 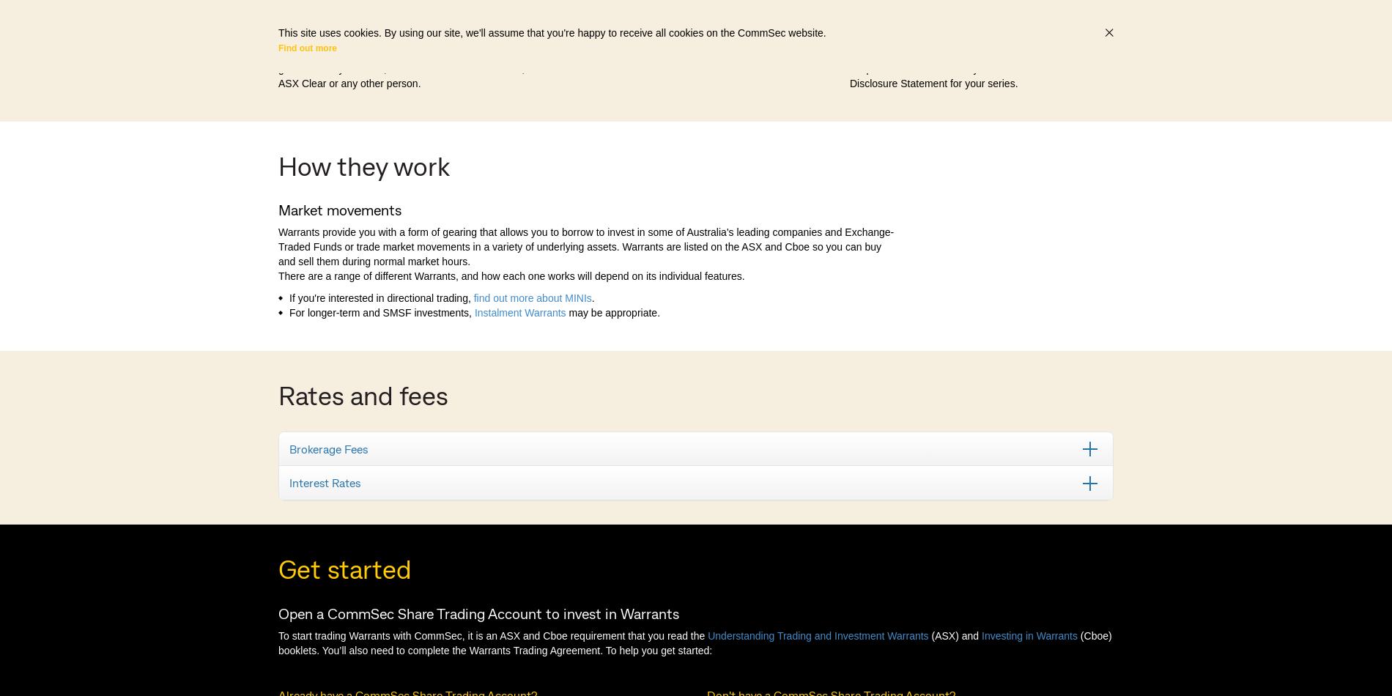 I want to click on 'This site uses cookies. By using our site, we'll assume that you're happy to receive all cookies on the CommSec website.', so click(x=551, y=32).